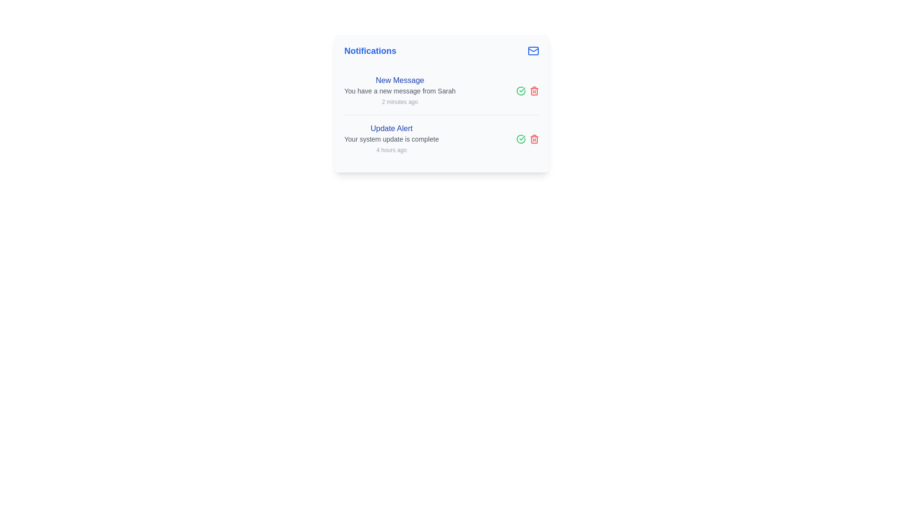 This screenshot has width=917, height=515. I want to click on the Icon Button located to the right of the 'Update Alert' heading within the notification card, so click(520, 91).